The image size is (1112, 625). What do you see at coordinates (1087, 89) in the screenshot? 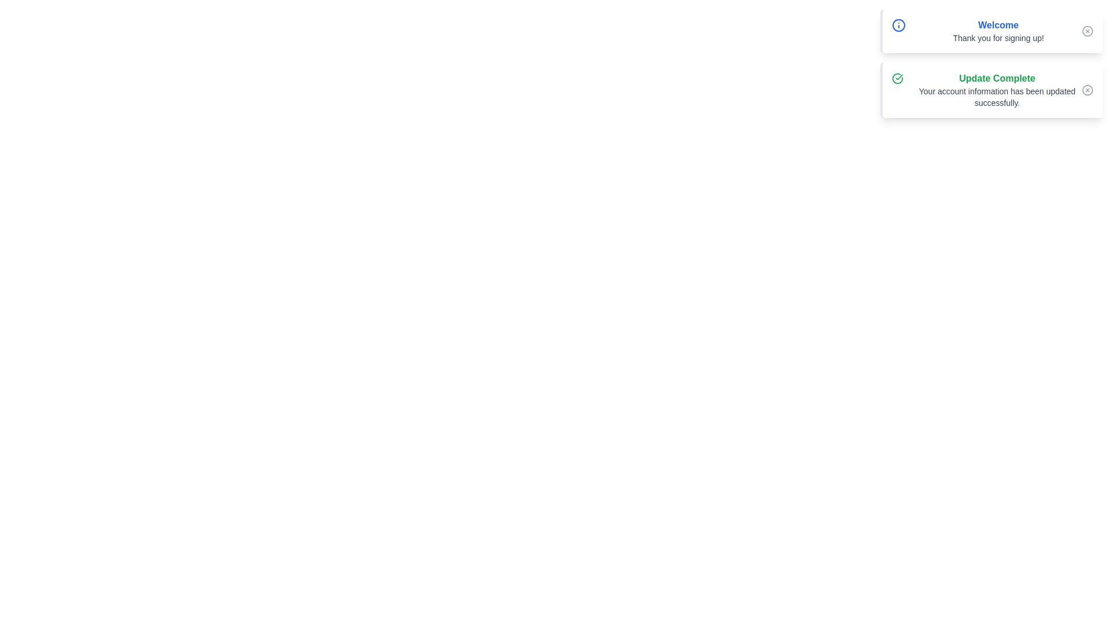
I see `the close button located in the top-right corner of the 'Update Complete' notification card` at bounding box center [1087, 89].